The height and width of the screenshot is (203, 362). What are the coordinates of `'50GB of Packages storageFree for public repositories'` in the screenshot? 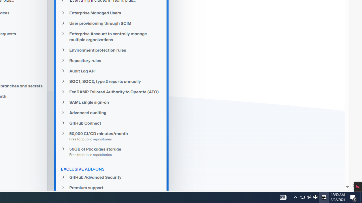 It's located at (111, 151).